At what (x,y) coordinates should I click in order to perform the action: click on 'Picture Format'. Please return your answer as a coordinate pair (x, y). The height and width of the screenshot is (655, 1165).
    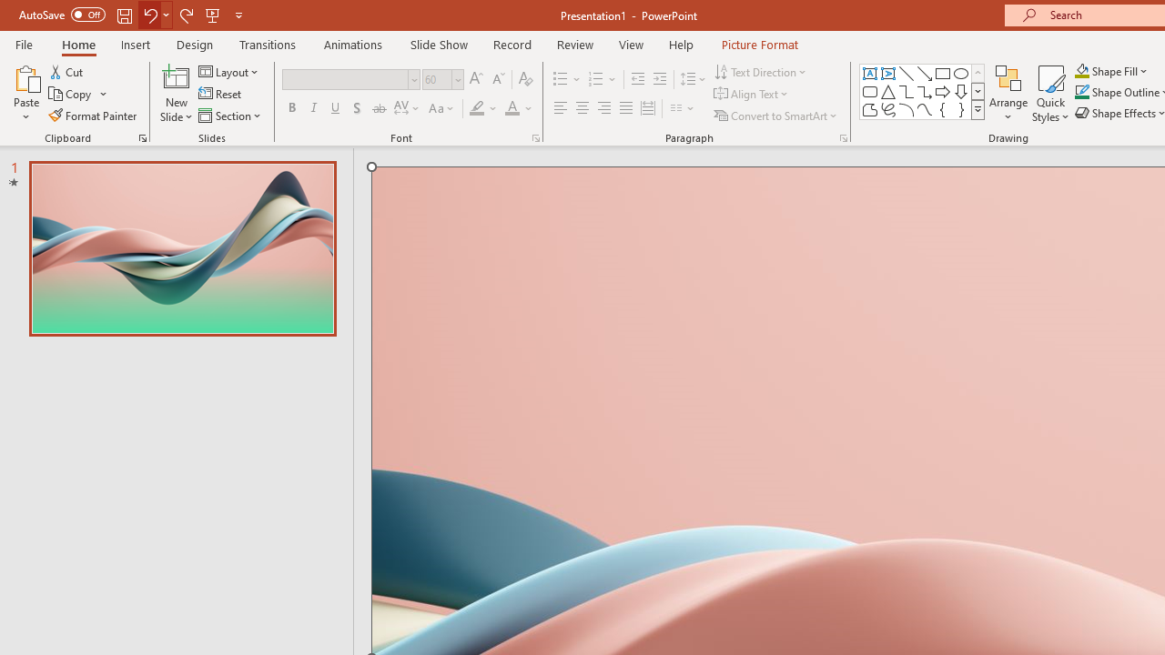
    Looking at the image, I should click on (760, 44).